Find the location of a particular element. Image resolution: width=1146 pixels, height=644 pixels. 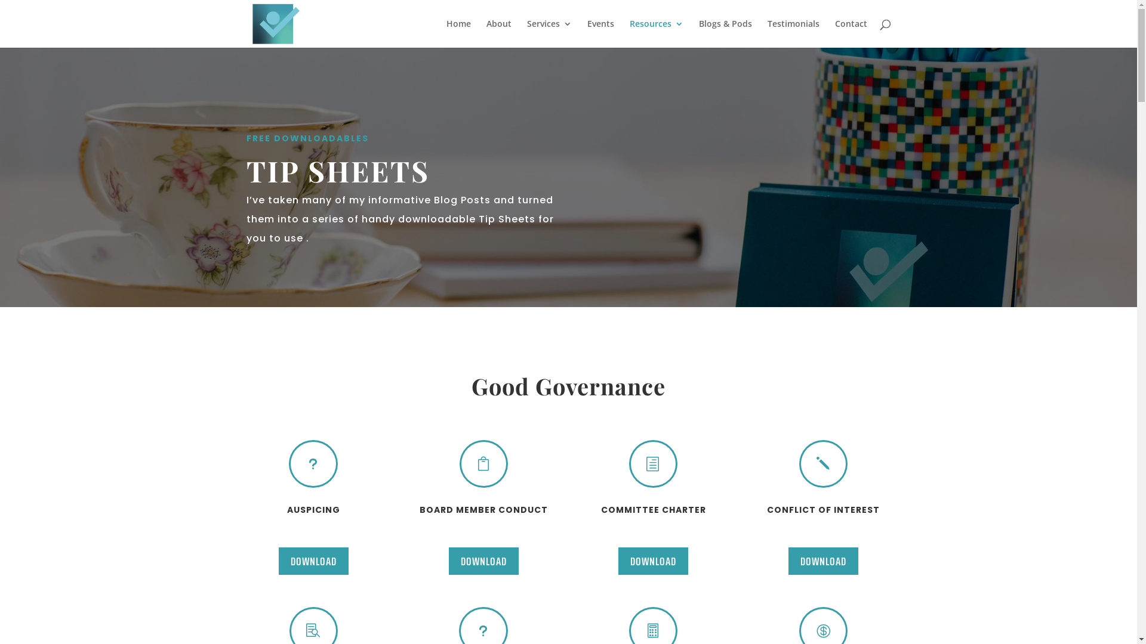

'DOWNLOAD' is located at coordinates (652, 561).